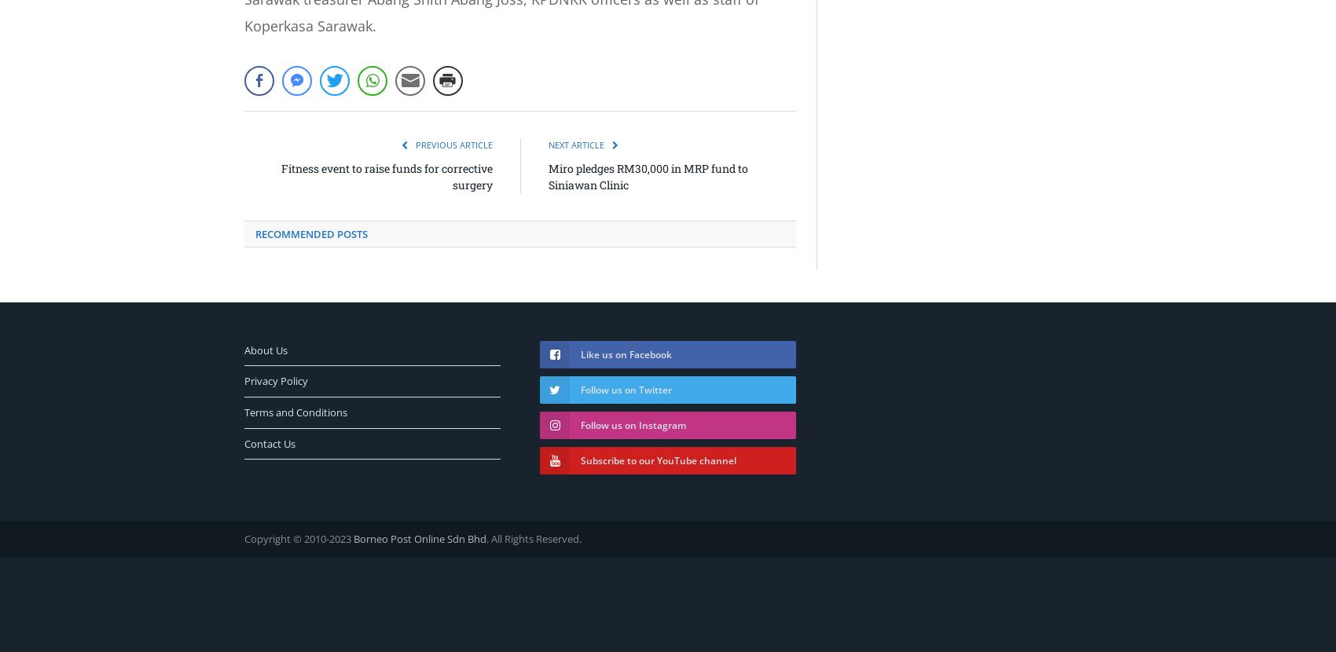  What do you see at coordinates (625, 353) in the screenshot?
I see `'Like us on Facebook'` at bounding box center [625, 353].